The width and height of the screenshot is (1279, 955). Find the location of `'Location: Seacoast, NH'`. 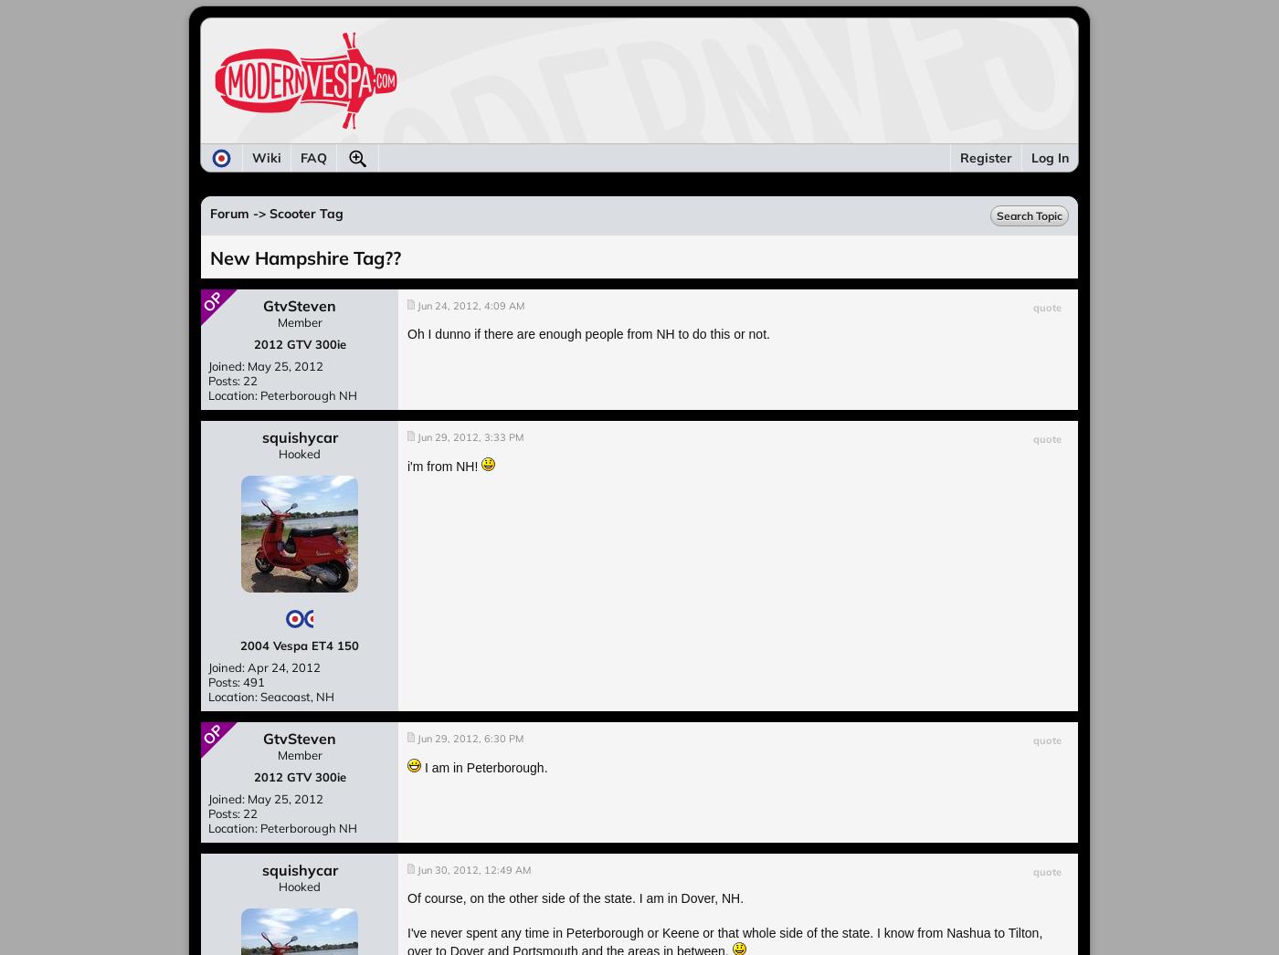

'Location: Seacoast, NH' is located at coordinates (270, 695).